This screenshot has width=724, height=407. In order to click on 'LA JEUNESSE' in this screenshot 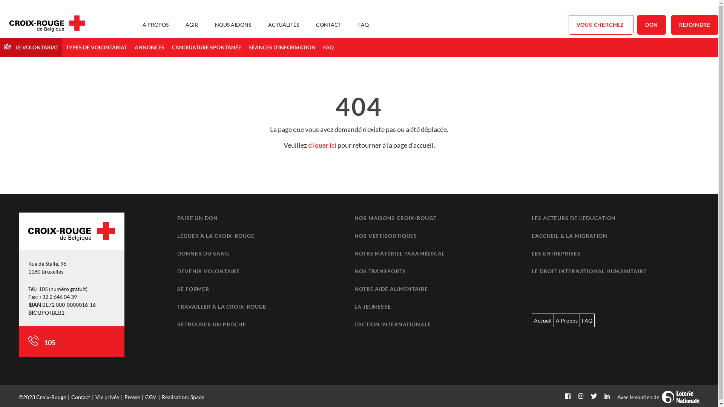, I will do `click(373, 306)`.